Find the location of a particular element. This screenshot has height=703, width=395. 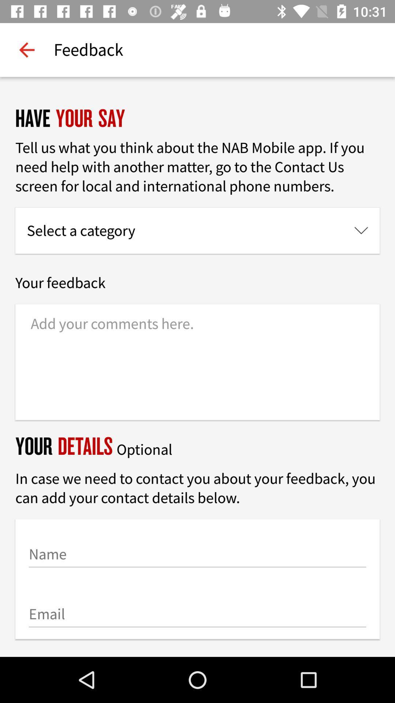

write your comments is located at coordinates (197, 362).